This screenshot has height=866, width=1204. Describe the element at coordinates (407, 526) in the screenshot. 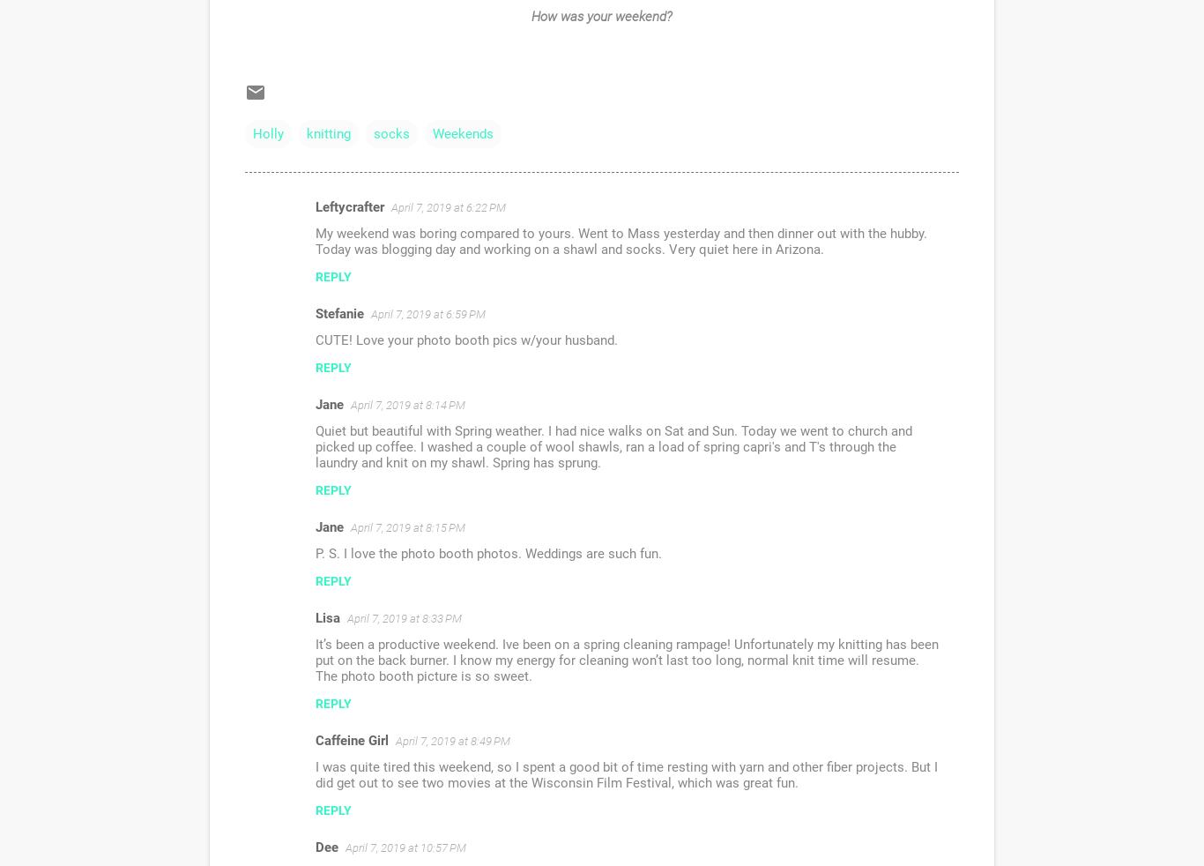

I see `'April 7, 2019 at 8:15 PM'` at that location.